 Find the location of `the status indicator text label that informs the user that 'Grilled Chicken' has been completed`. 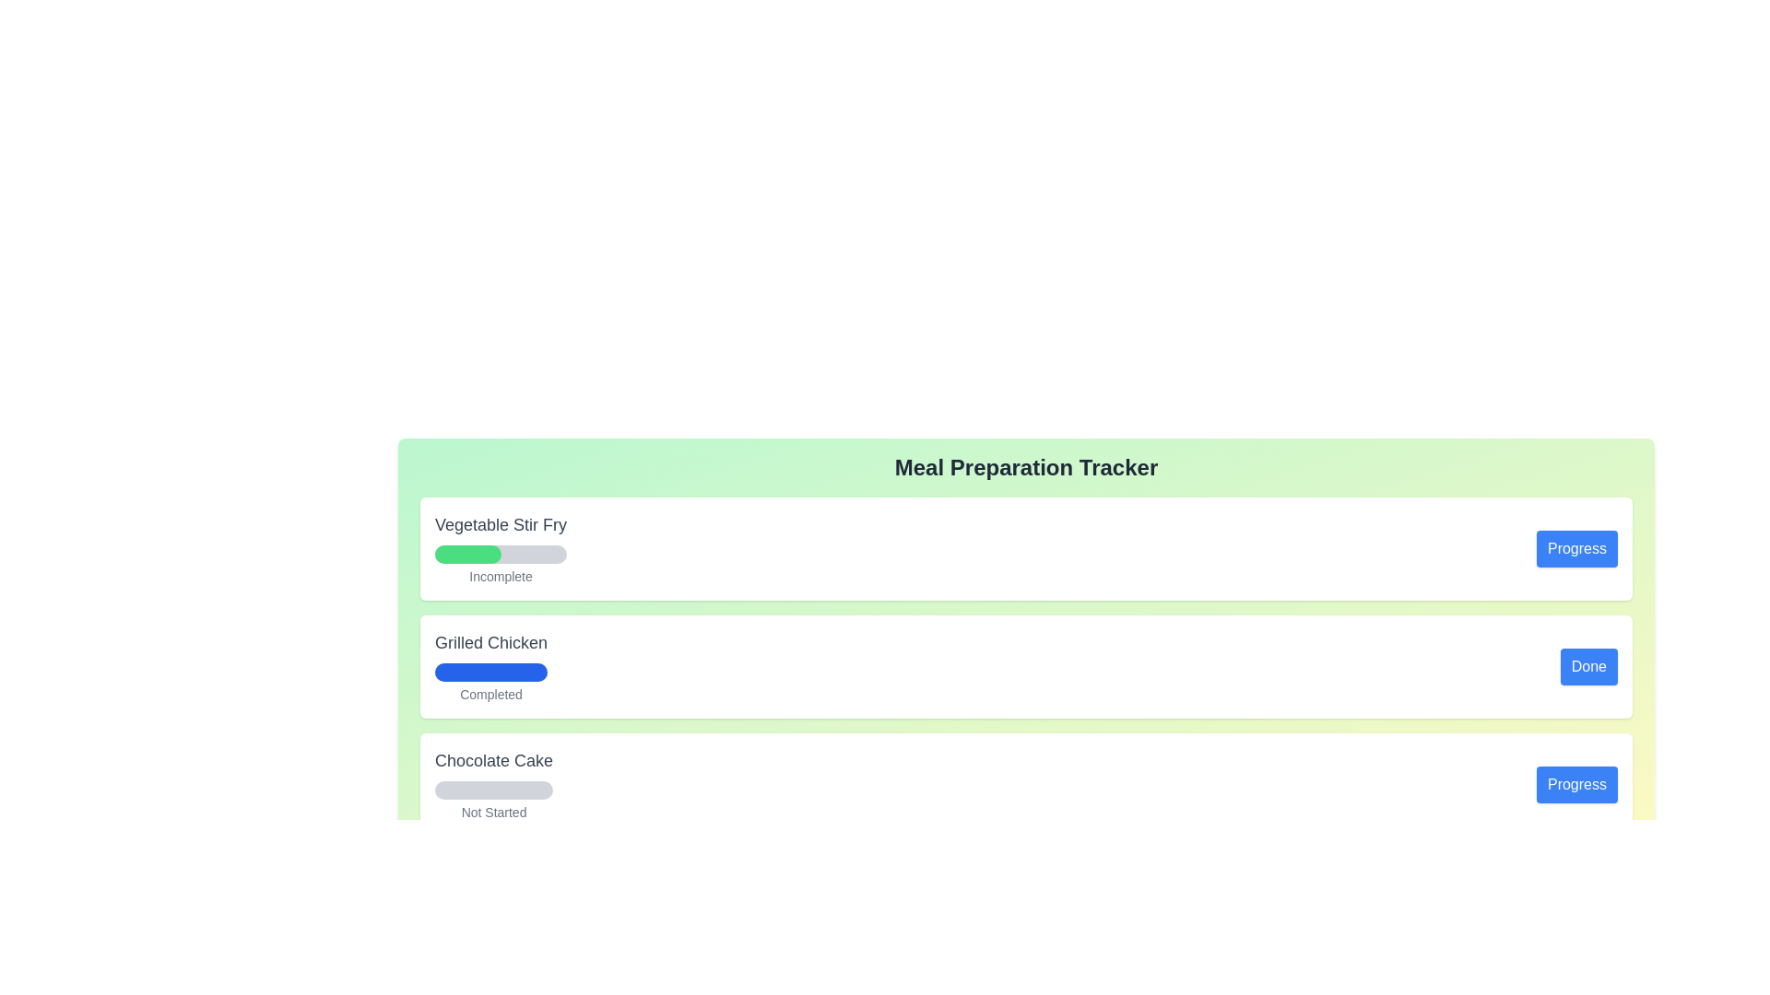

the status indicator text label that informs the user that 'Grilled Chicken' has been completed is located at coordinates (490, 694).